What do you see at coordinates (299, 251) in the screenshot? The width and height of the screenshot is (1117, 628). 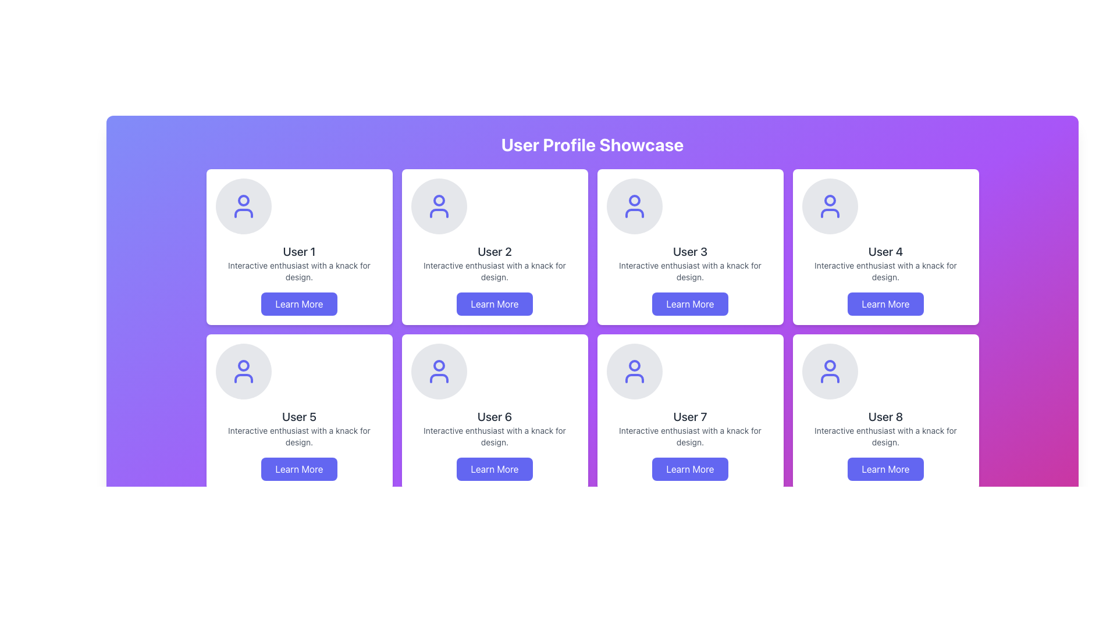 I see `text label displaying 'User 1' located in the first card of the grid layout, which has a bold, extra-large font on a white card with a rounded outline` at bounding box center [299, 251].